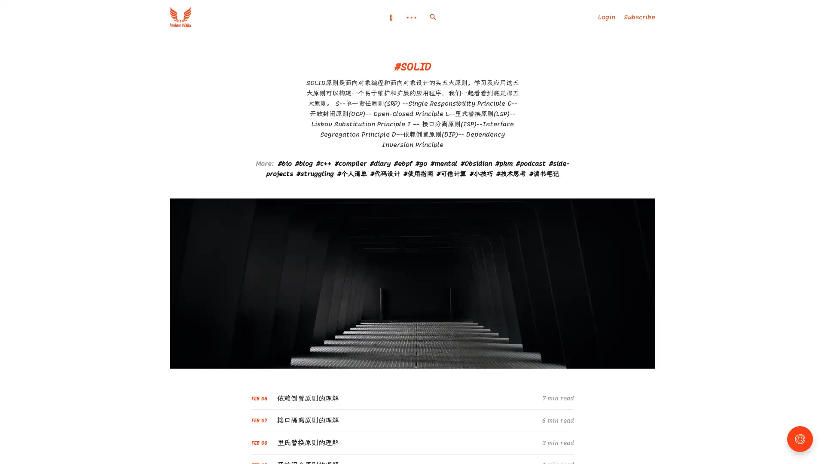 This screenshot has width=825, height=464. Describe the element at coordinates (433, 17) in the screenshot. I see `Search` at that location.